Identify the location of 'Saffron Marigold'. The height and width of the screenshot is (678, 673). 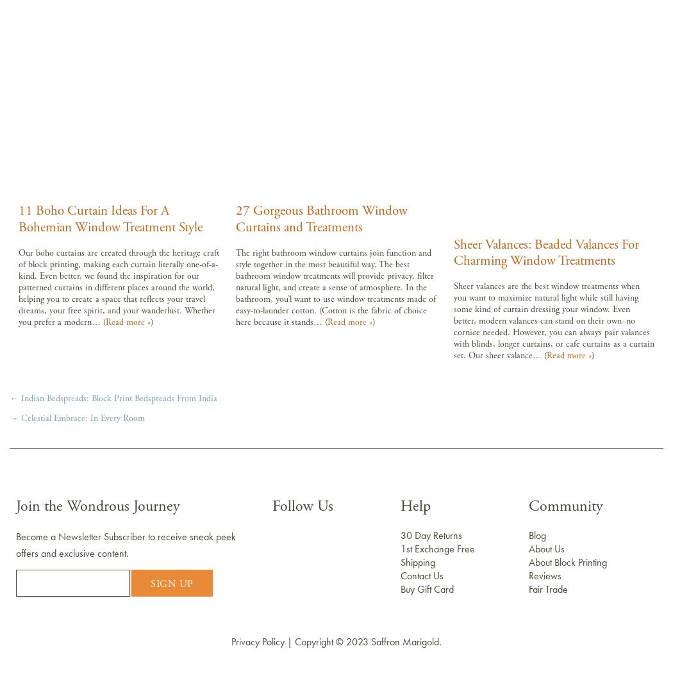
(404, 641).